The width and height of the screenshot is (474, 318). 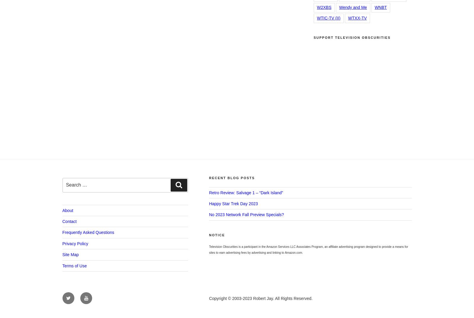 I want to click on 'Site Map', so click(x=70, y=254).